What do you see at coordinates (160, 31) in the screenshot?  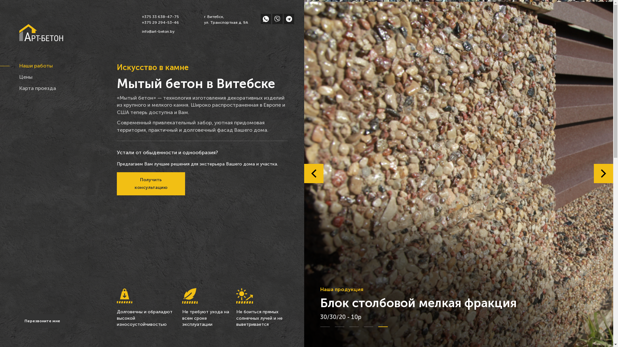 I see `'info@art-beton.by'` at bounding box center [160, 31].